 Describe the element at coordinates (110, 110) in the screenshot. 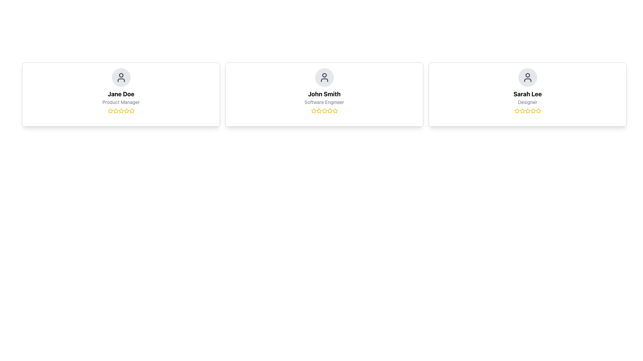

I see `the first star icon to rate it, which represents the first rating level in a set of five stars under 'Jane Doe', 'Product Manager'` at that location.